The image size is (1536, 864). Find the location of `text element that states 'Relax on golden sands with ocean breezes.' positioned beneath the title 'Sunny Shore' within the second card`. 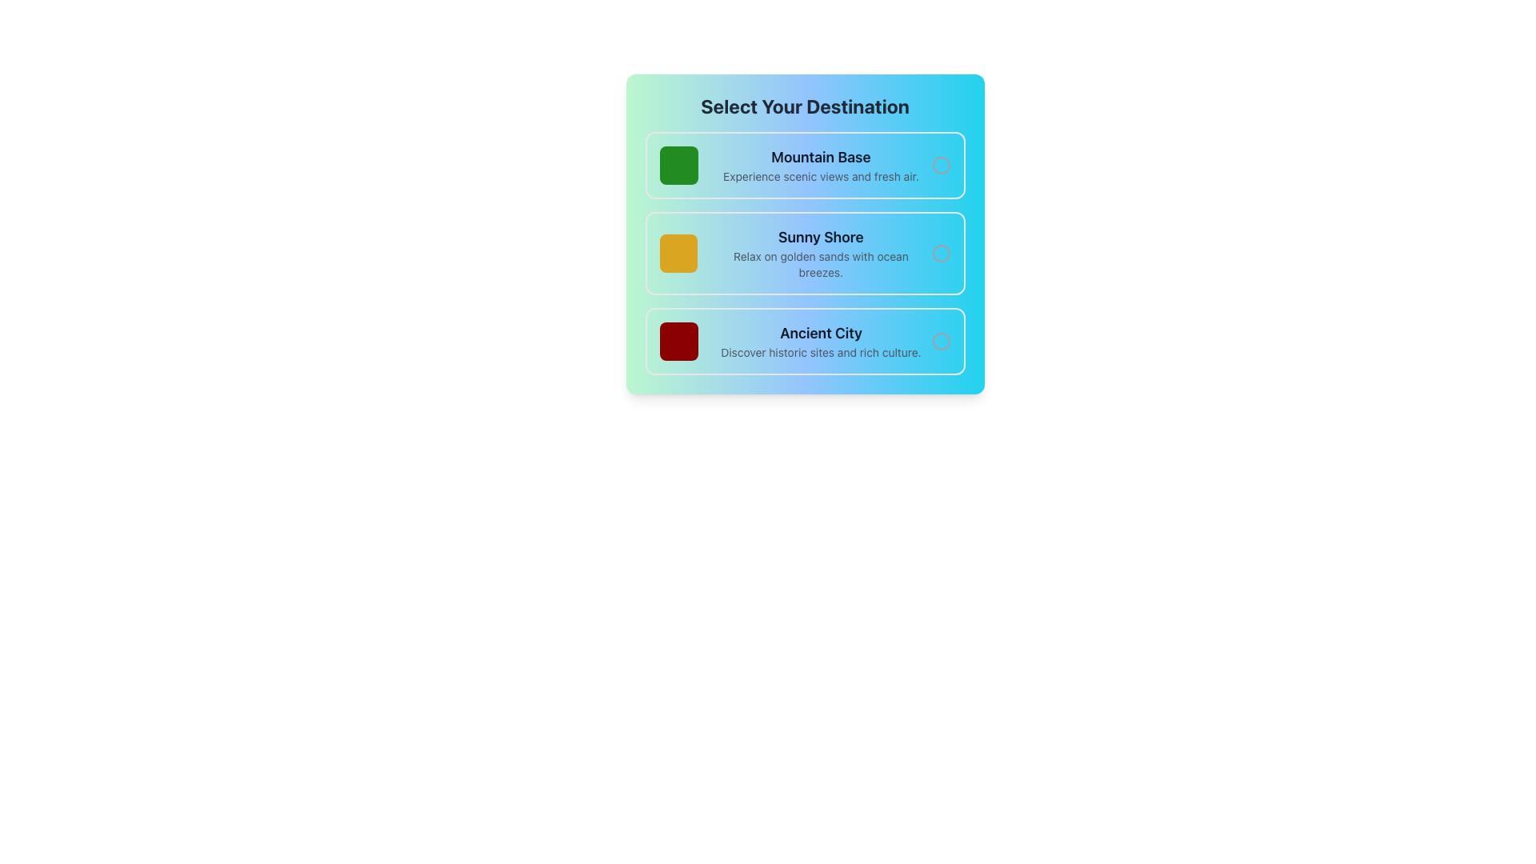

text element that states 'Relax on golden sands with ocean breezes.' positioned beneath the title 'Sunny Shore' within the second card is located at coordinates (821, 264).